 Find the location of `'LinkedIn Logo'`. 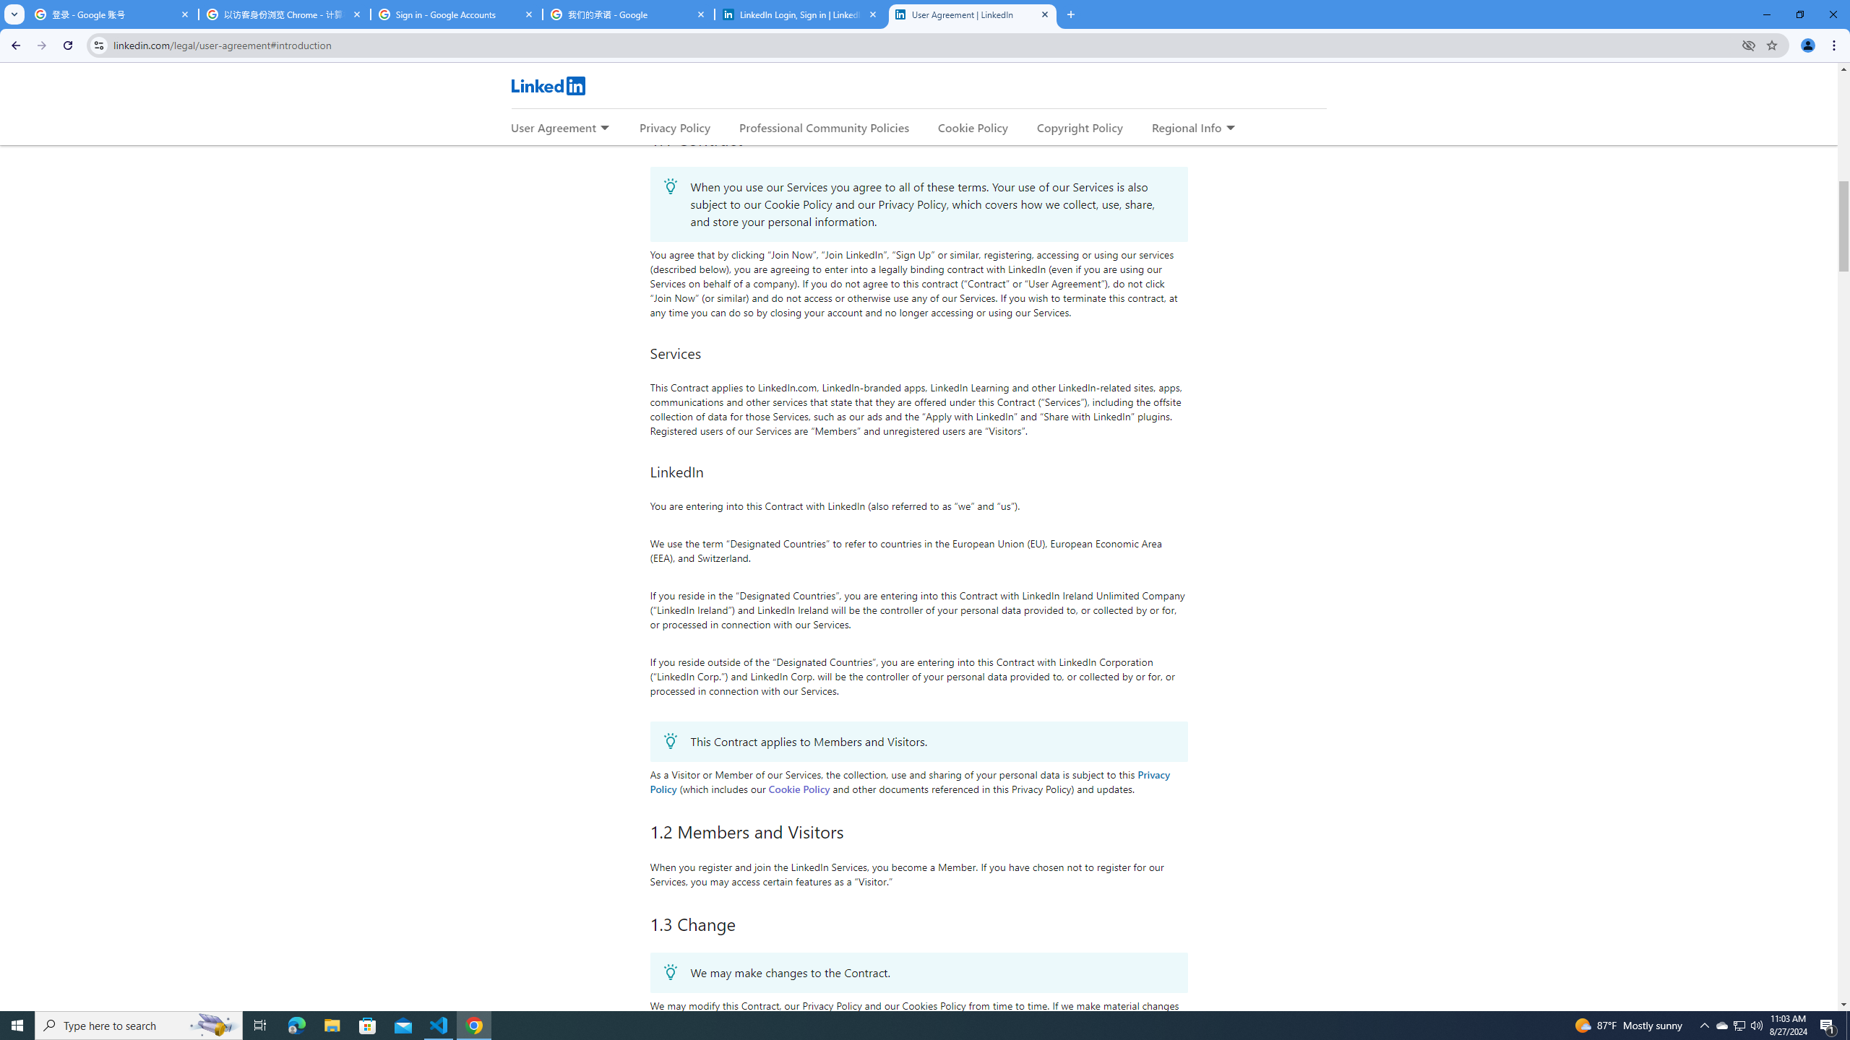

'LinkedIn Logo' is located at coordinates (547, 85).